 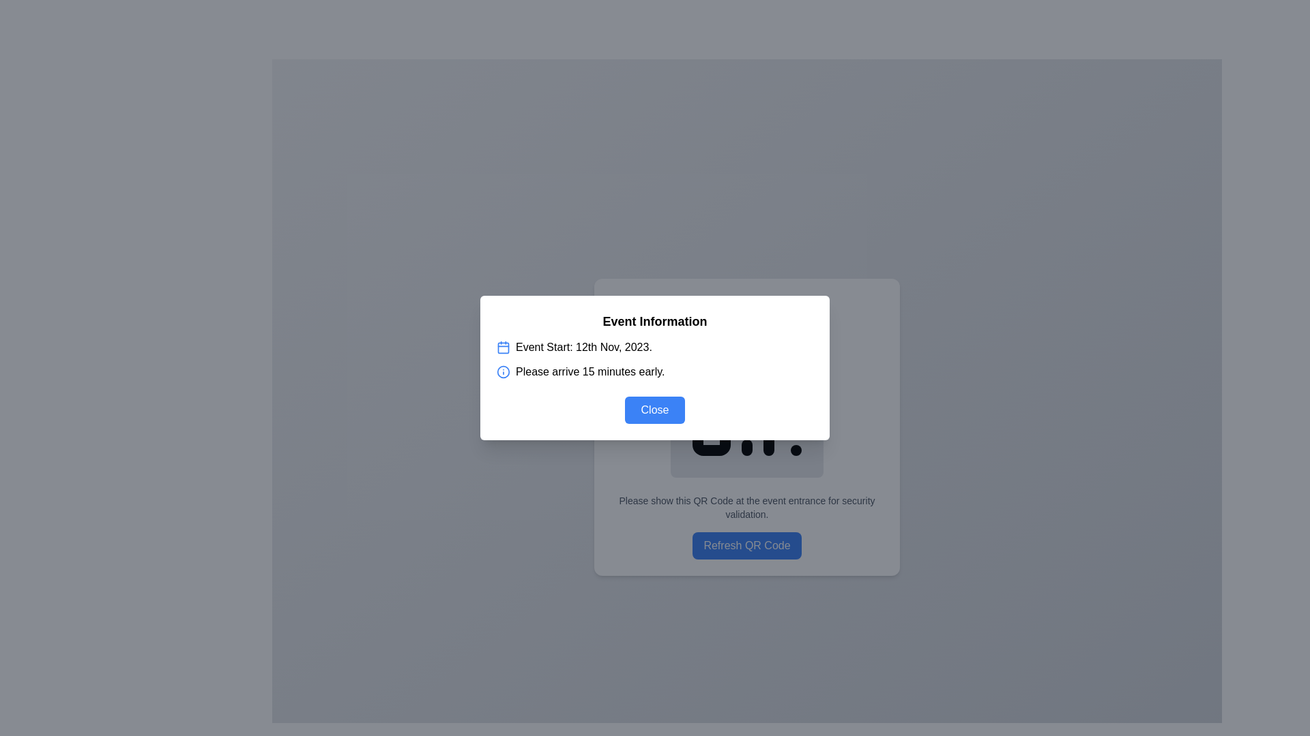 What do you see at coordinates (503, 372) in the screenshot?
I see `the blue circular icon that is part of the information symbol within the modal, positioned to the left of the text stating 'Please arrive 15 minutes early.'` at bounding box center [503, 372].